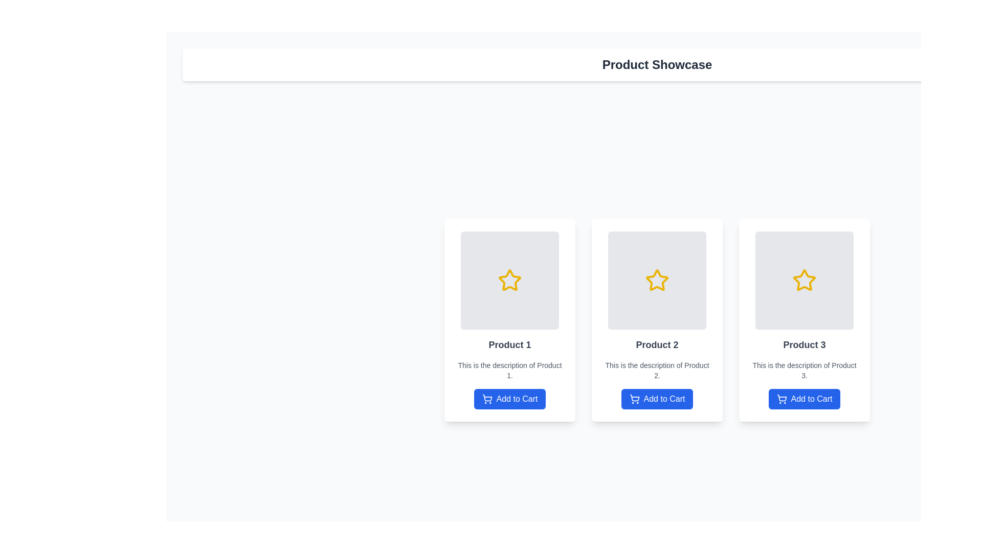 The image size is (982, 552). I want to click on the first product display card in the 'Product Showcase' section, so click(510, 320).